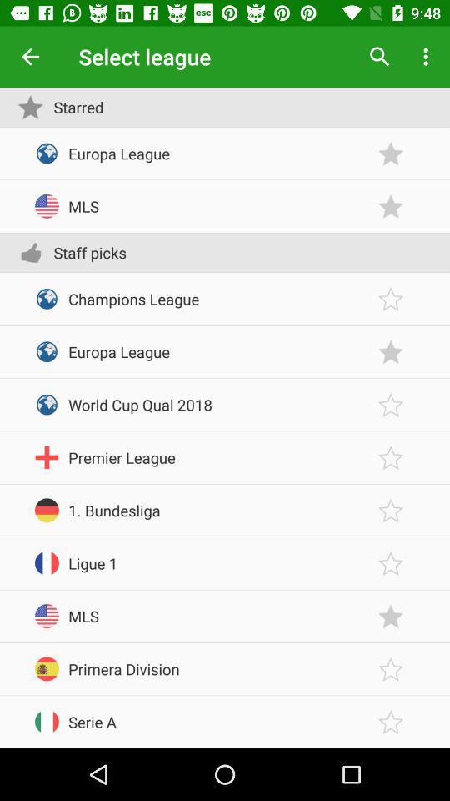 The image size is (450, 801). I want to click on star, so click(391, 563).